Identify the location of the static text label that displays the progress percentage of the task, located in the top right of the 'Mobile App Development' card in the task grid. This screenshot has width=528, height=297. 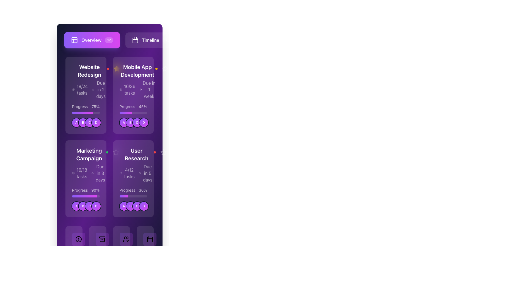
(143, 107).